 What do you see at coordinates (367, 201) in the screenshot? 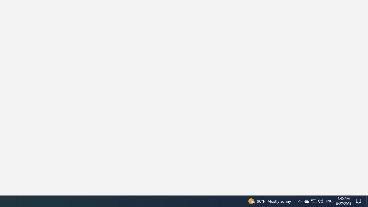
I see `'Show desktop'` at bounding box center [367, 201].